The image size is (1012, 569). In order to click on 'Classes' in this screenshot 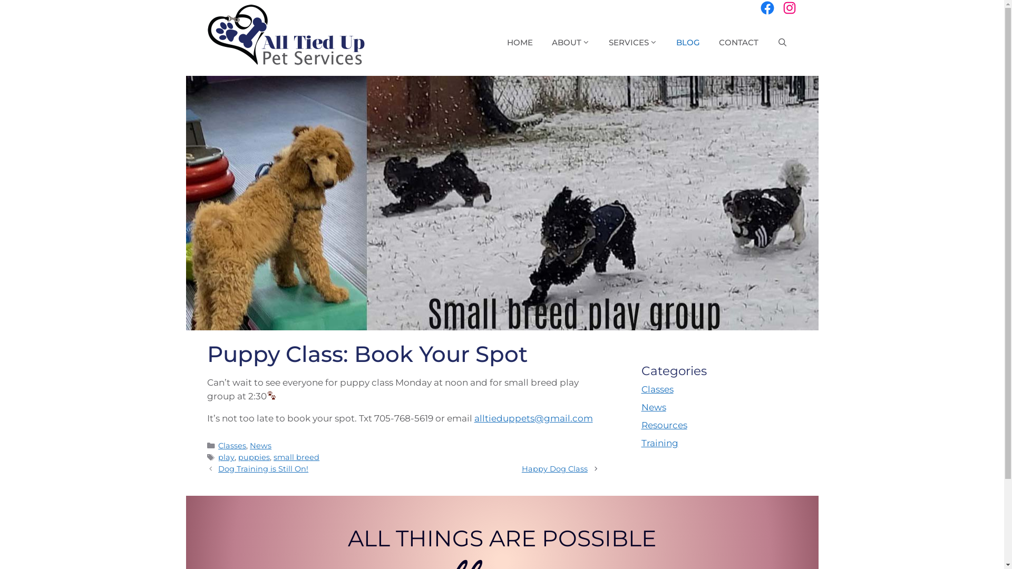, I will do `click(231, 445)`.